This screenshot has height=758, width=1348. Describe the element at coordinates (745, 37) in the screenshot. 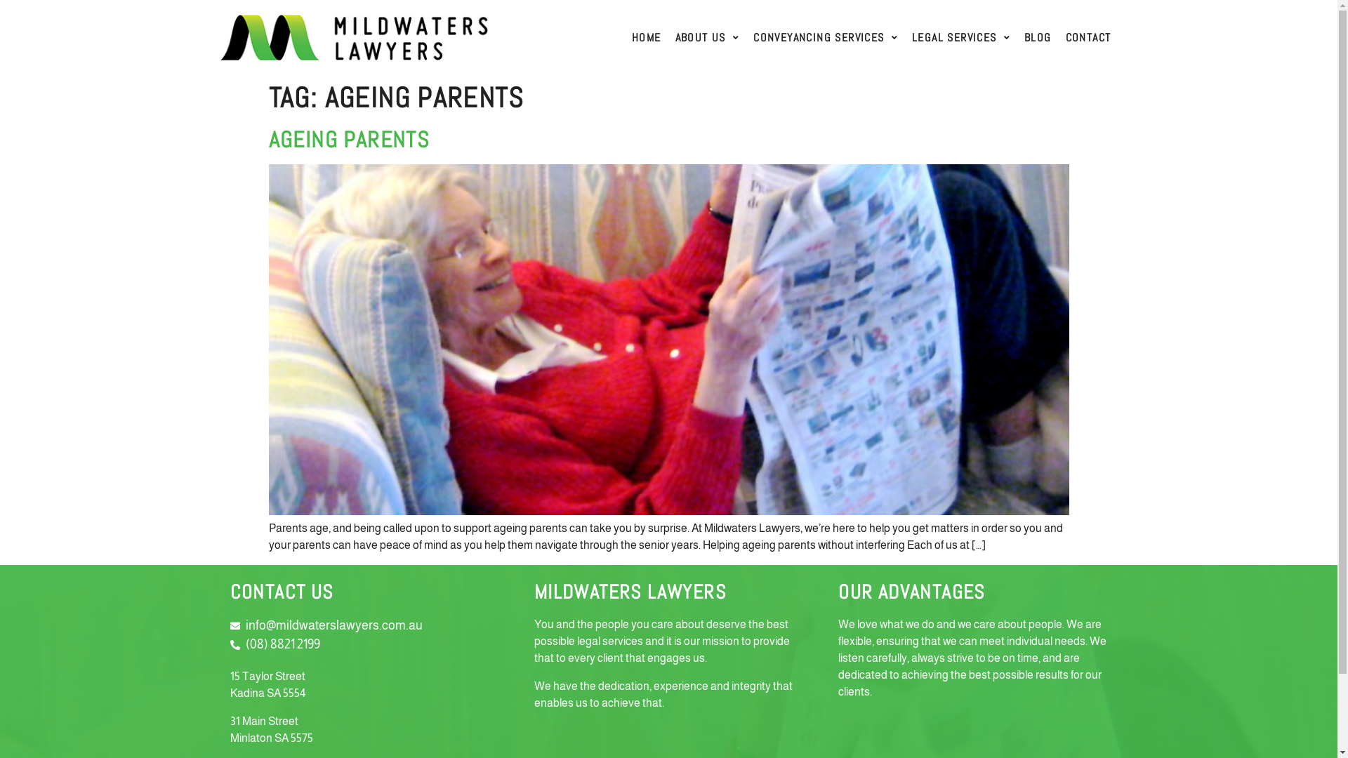

I see `'CONVEYANCING SERVICES'` at that location.